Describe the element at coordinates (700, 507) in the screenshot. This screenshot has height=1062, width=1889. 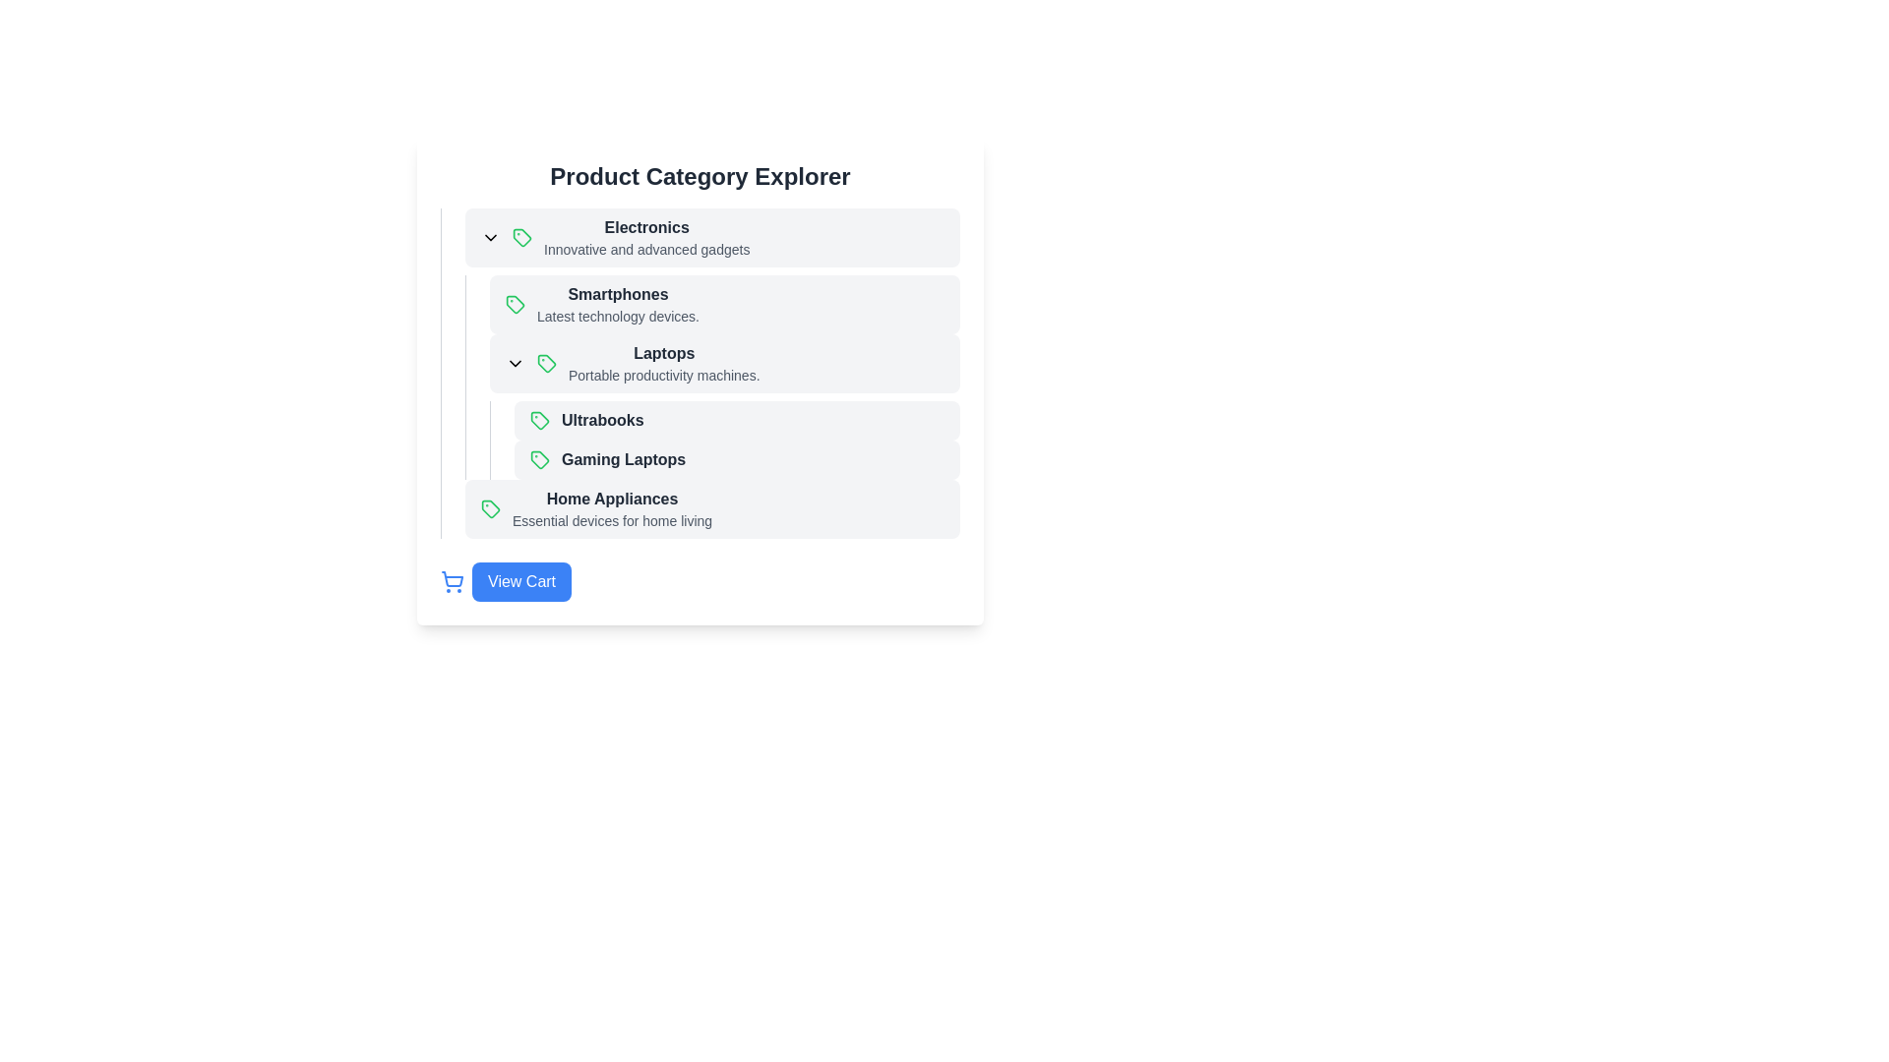
I see `the 'Home Appliances' list item, which features a green tag icon and bold text` at that location.